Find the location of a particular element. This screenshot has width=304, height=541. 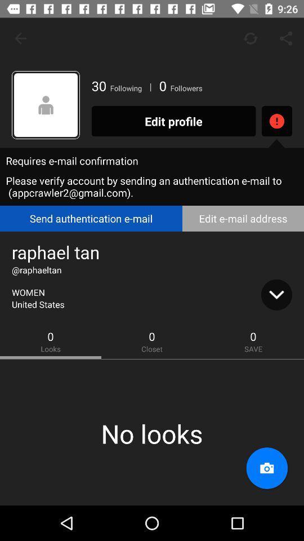

drop down menu is located at coordinates (276, 294).